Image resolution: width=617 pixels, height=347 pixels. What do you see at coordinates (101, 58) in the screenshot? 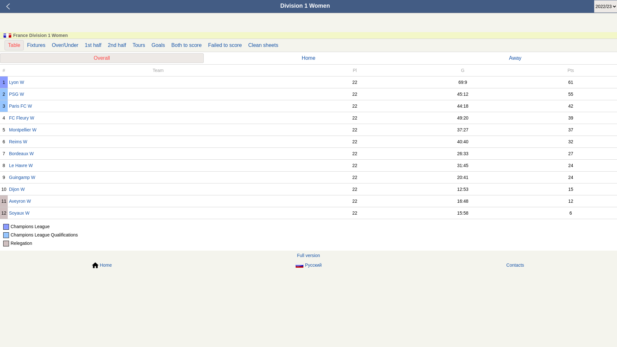
I see `'Overall'` at bounding box center [101, 58].